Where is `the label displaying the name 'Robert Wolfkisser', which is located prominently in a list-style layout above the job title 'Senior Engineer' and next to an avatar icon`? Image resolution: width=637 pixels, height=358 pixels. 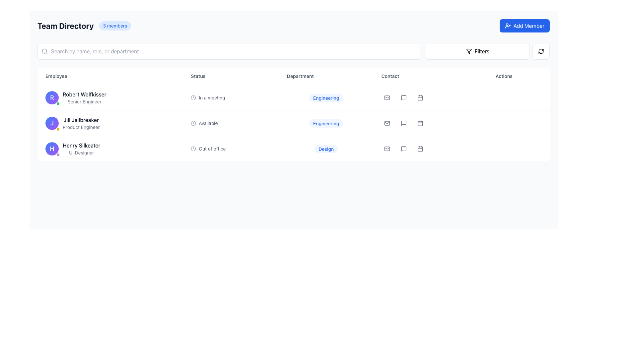 the label displaying the name 'Robert Wolfkisser', which is located prominently in a list-style layout above the job title 'Senior Engineer' and next to an avatar icon is located at coordinates (84, 94).